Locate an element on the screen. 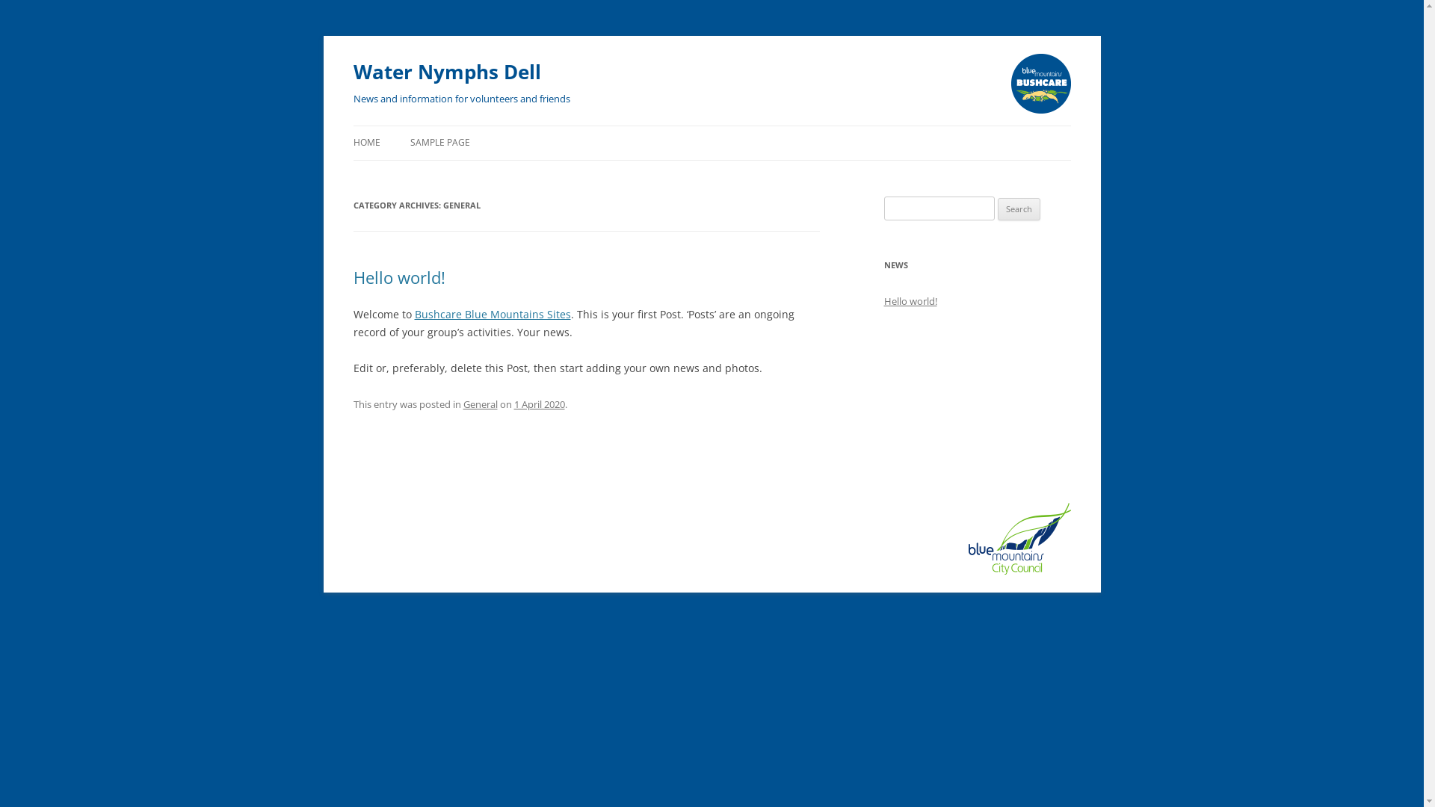 This screenshot has height=807, width=1435. 'Search' is located at coordinates (1018, 209).